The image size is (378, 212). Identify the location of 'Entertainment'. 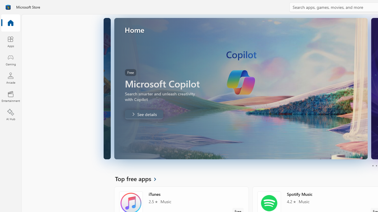
(10, 96).